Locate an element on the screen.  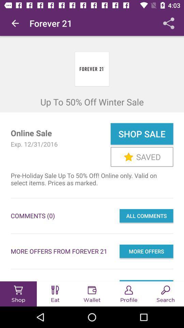
the app next to the forever 21 item is located at coordinates (168, 23).